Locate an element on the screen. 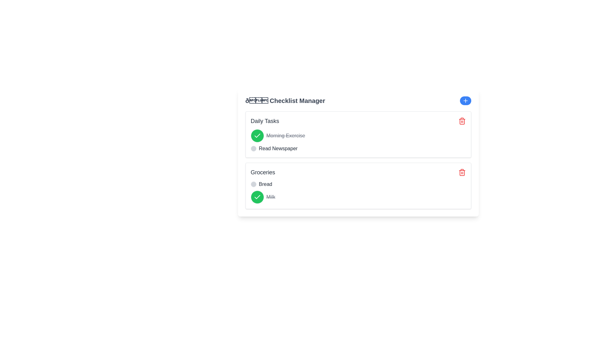 This screenshot has width=602, height=338. the text label that reads 'Bread', which is styled with a grayish text color and is part of the checklist layout under the section titled 'Groceries'. This label is positioned horizontally next to a circular, bordered icon and is the first text entry in the checklist is located at coordinates (265, 184).